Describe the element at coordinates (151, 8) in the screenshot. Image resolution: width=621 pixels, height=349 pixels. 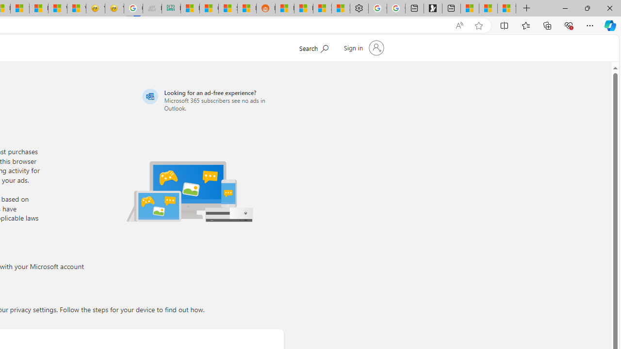
I see `'Navy Quest'` at that location.